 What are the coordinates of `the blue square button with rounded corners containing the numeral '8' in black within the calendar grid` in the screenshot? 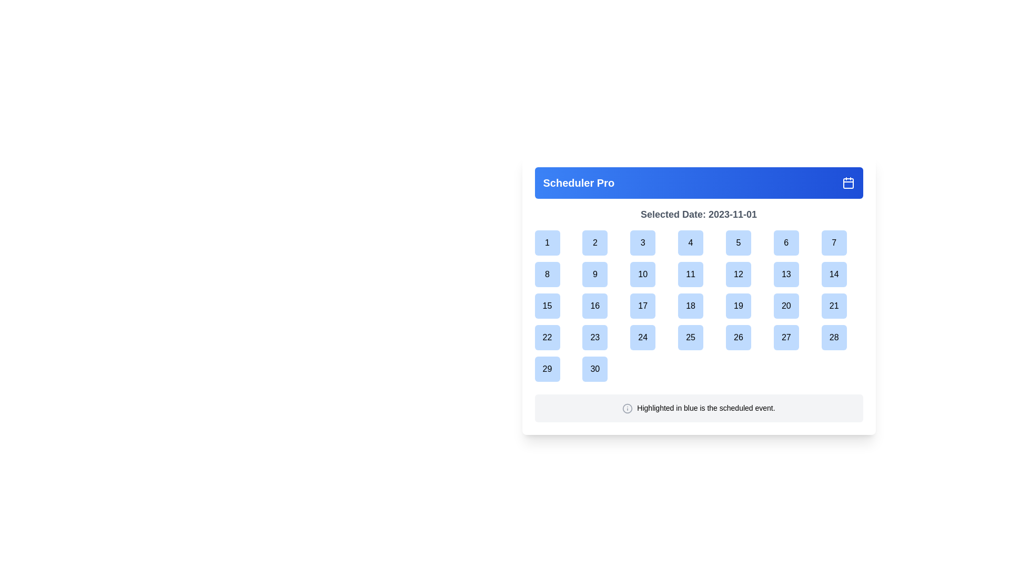 It's located at (555, 273).